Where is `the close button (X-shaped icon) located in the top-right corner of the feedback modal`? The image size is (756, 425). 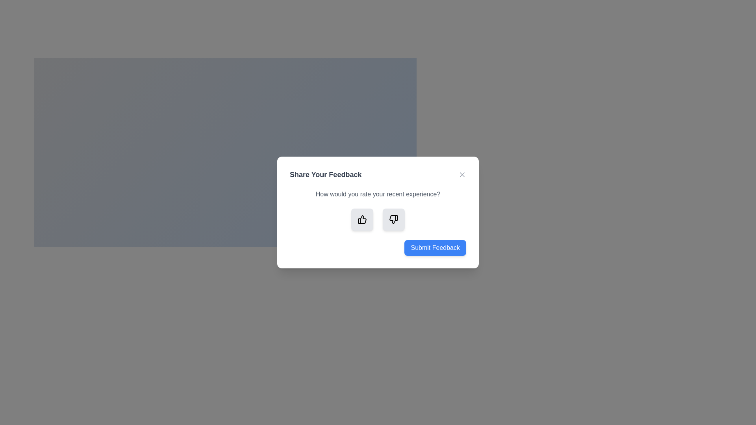 the close button (X-shaped icon) located in the top-right corner of the feedback modal is located at coordinates (462, 174).